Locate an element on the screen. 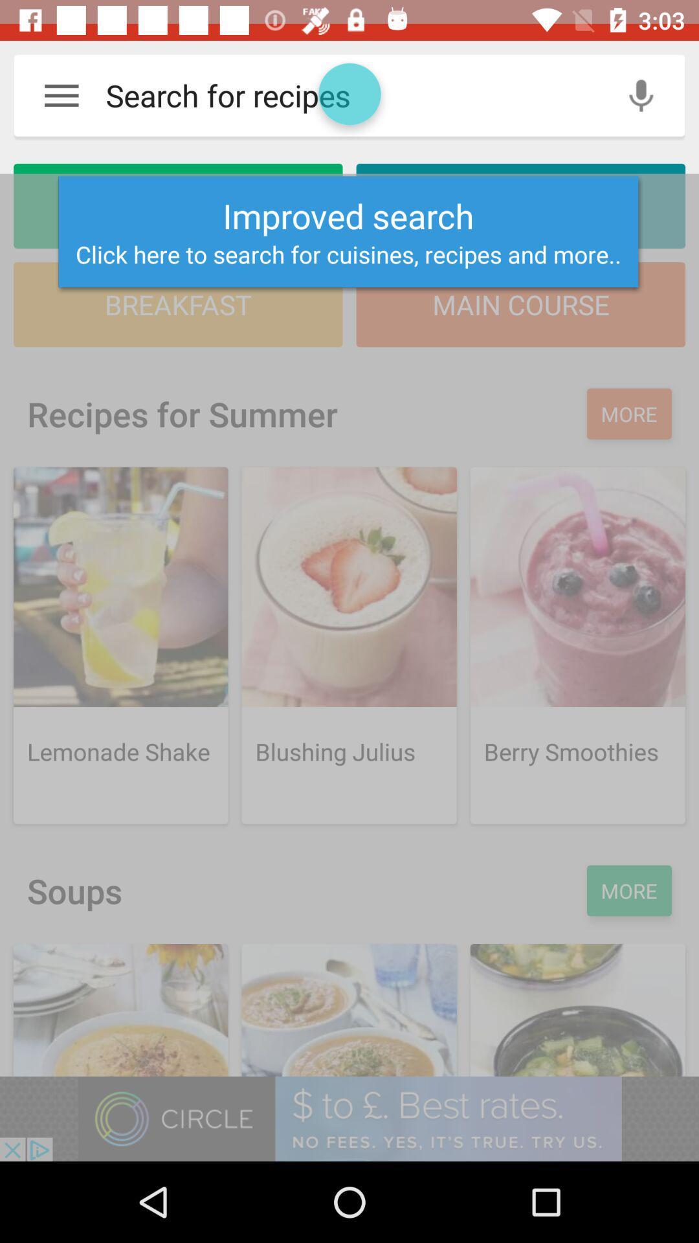  image above the text lemonade shake is located at coordinates (120, 587).